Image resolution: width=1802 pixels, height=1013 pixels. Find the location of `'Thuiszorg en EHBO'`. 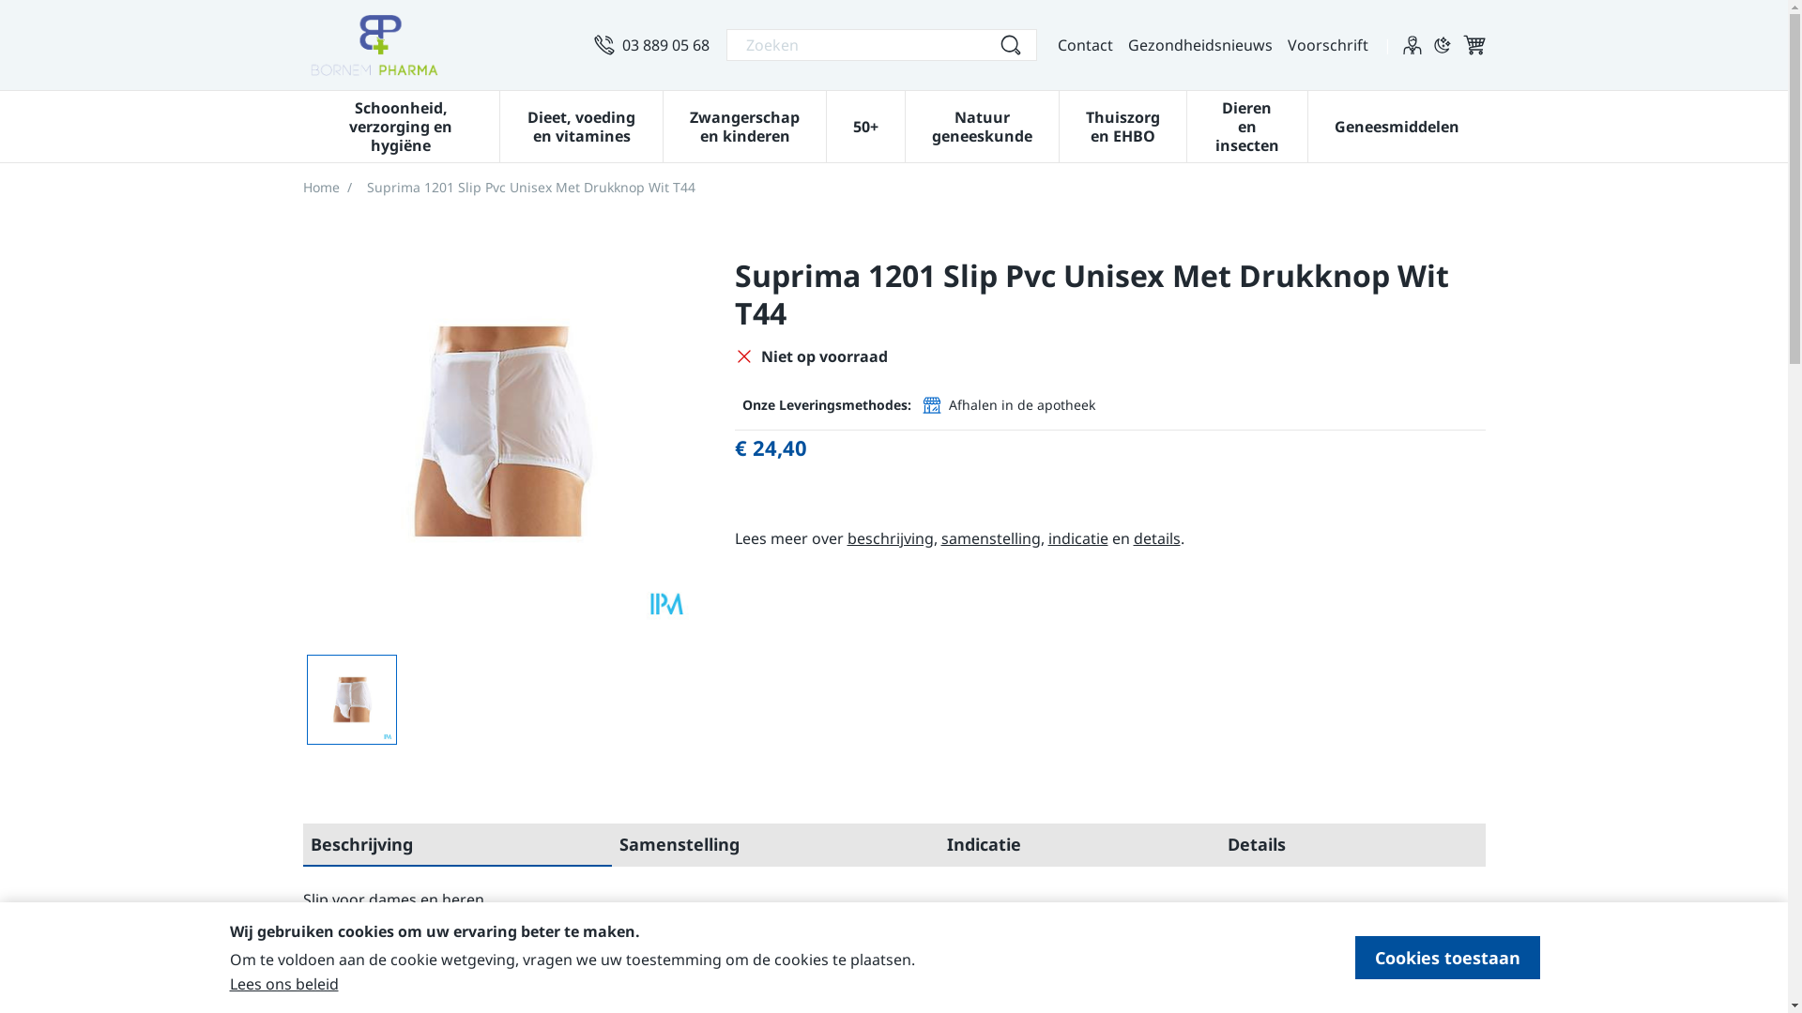

'Thuiszorg en EHBO' is located at coordinates (1122, 124).